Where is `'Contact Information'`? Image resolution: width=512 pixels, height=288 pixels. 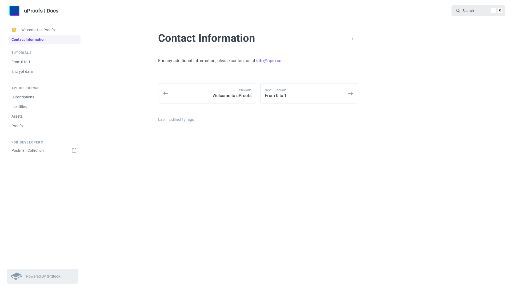
'Contact Information' is located at coordinates (45, 39).